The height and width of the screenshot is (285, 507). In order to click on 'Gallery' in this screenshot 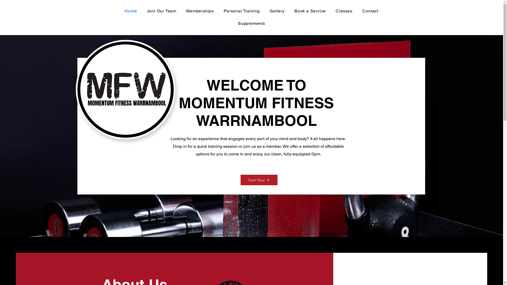, I will do `click(266, 11)`.